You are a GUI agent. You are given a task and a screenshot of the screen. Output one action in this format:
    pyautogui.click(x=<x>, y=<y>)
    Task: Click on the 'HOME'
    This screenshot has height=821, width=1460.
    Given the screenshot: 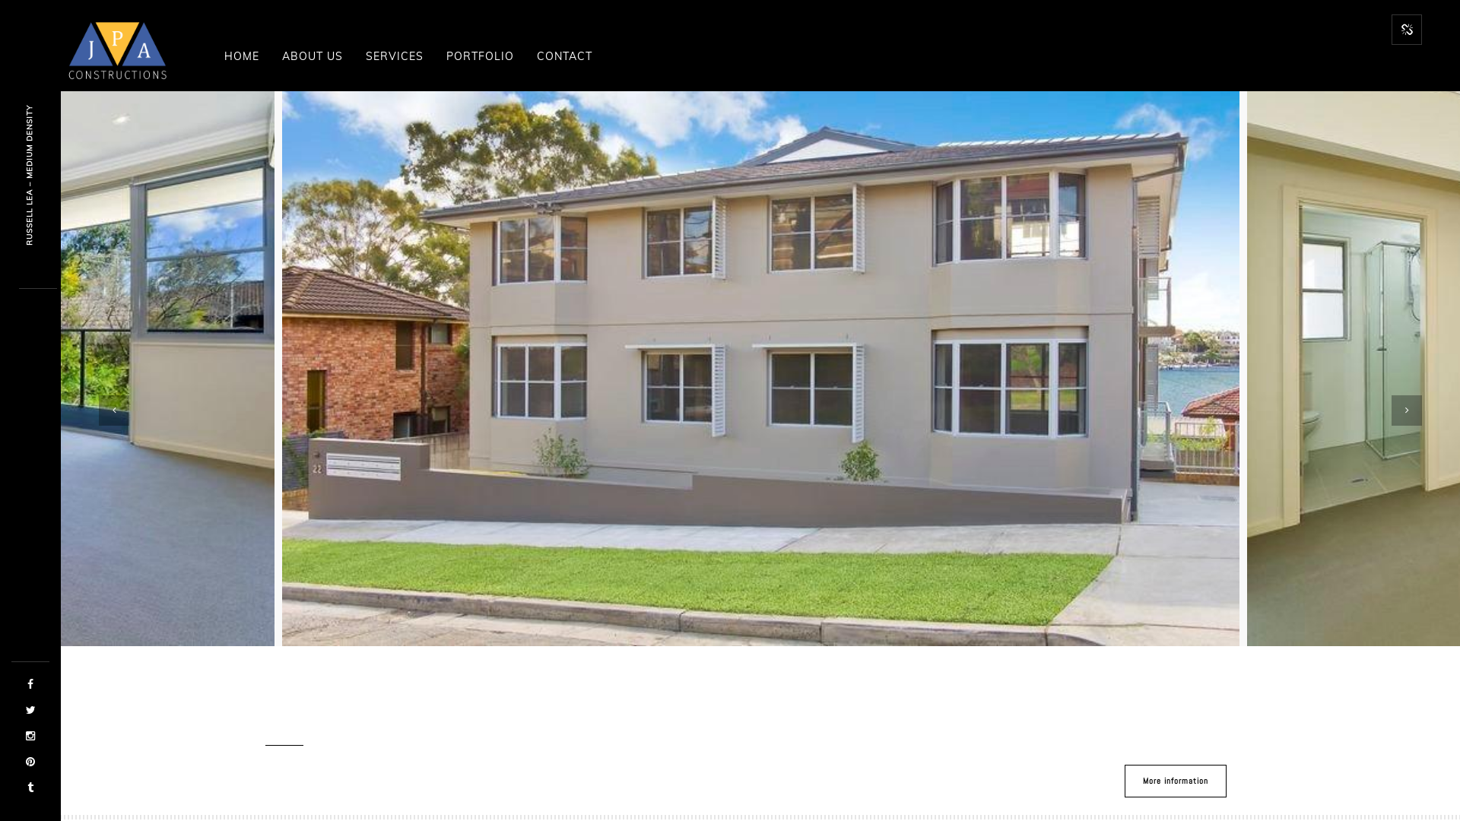 What is the action you would take?
    pyautogui.click(x=240, y=55)
    